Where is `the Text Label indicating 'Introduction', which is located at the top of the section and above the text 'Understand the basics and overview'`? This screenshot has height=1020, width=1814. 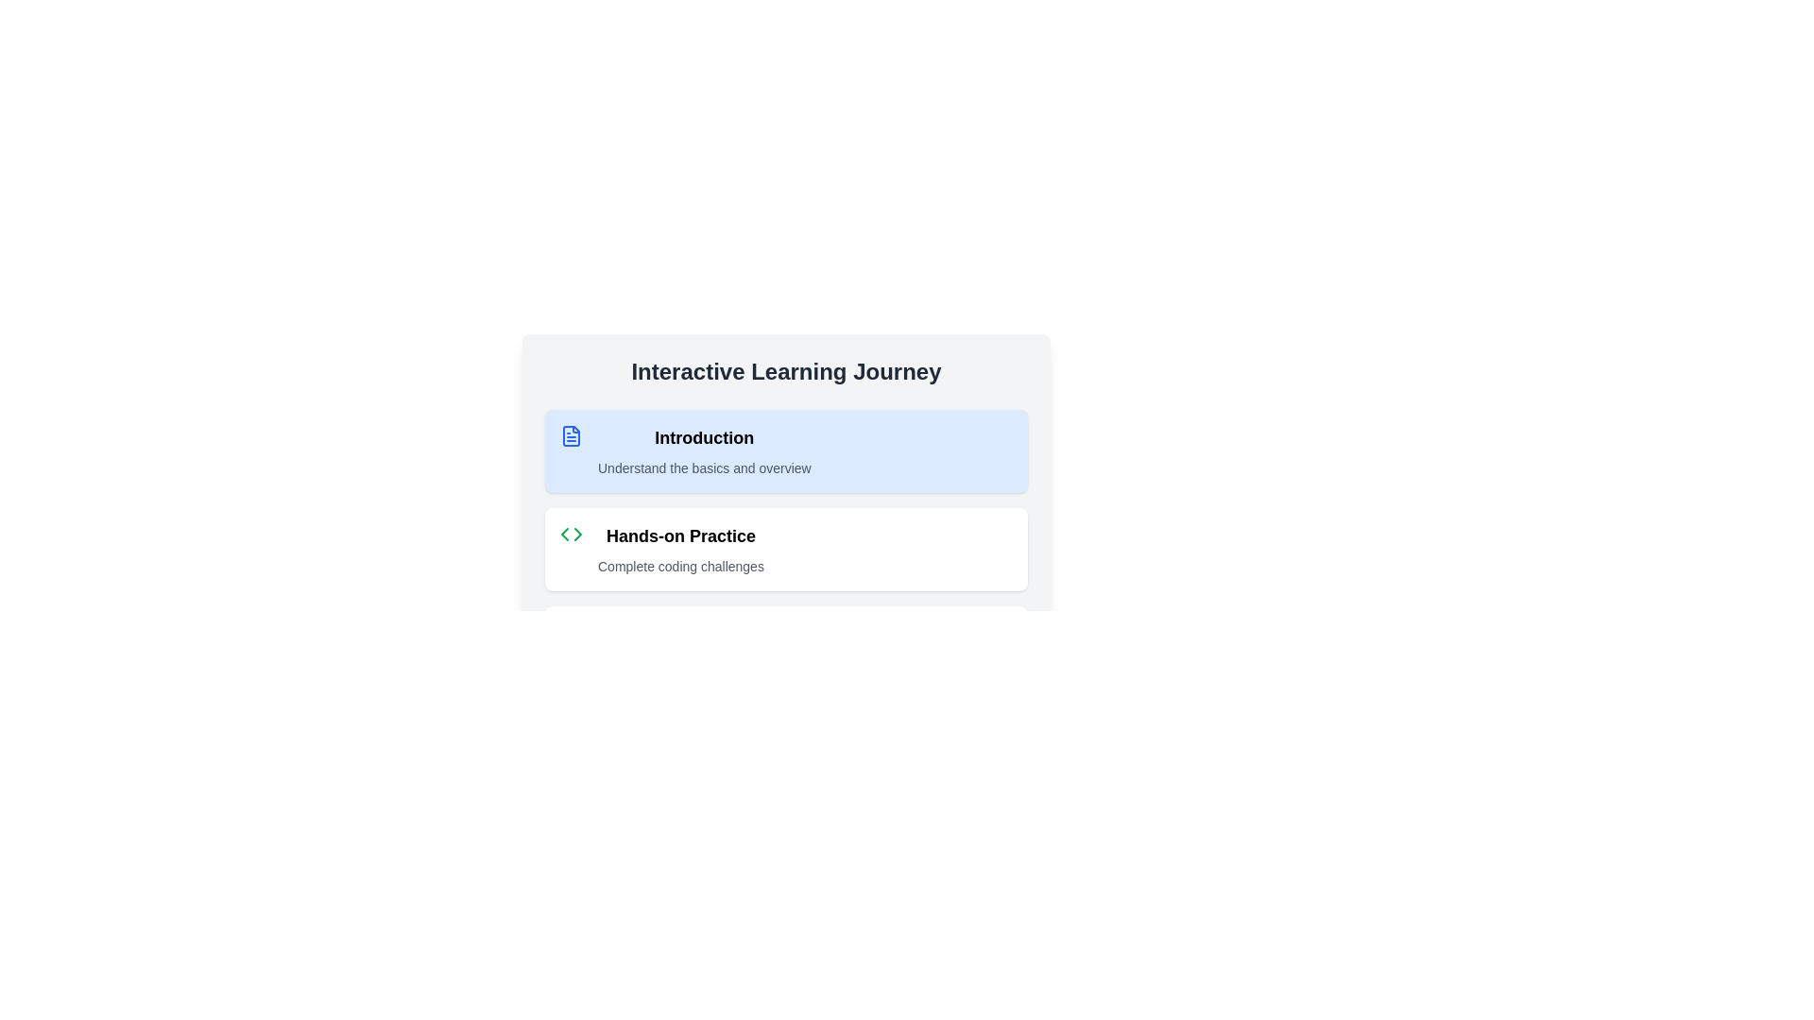
the Text Label indicating 'Introduction', which is located at the top of the section and above the text 'Understand the basics and overview' is located at coordinates (703, 437).